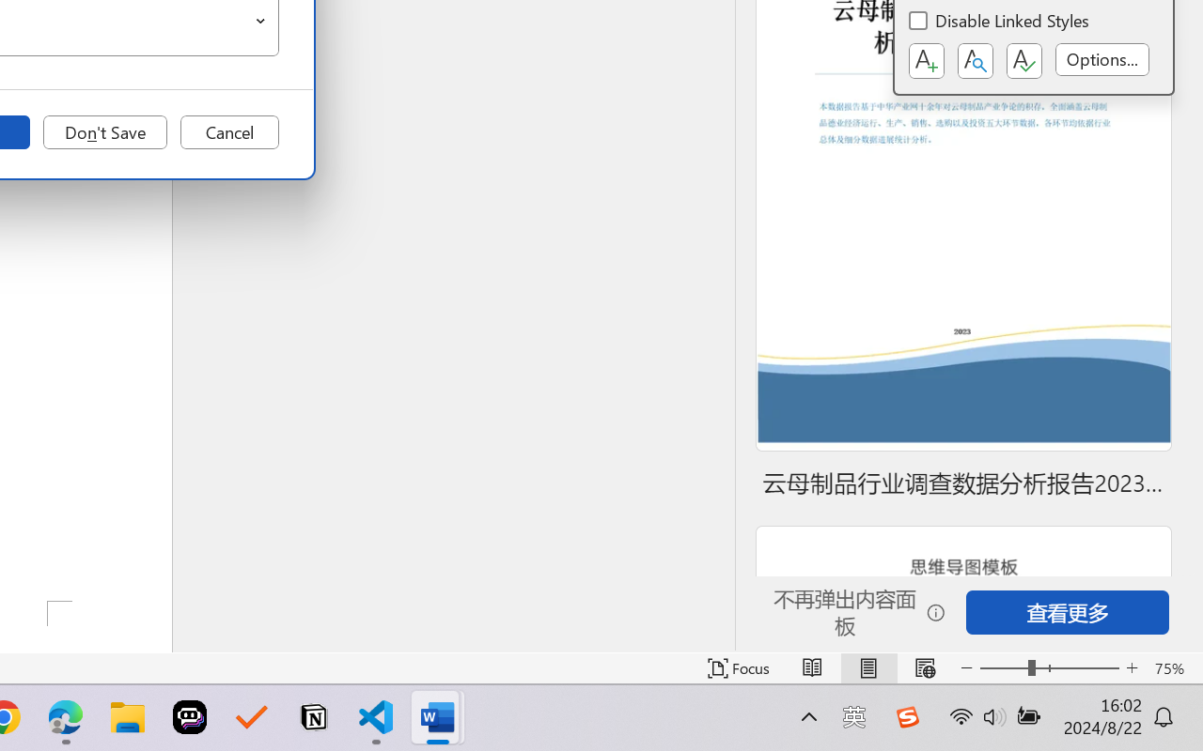 The image size is (1203, 751). What do you see at coordinates (738, 667) in the screenshot?
I see `'Focus '` at bounding box center [738, 667].